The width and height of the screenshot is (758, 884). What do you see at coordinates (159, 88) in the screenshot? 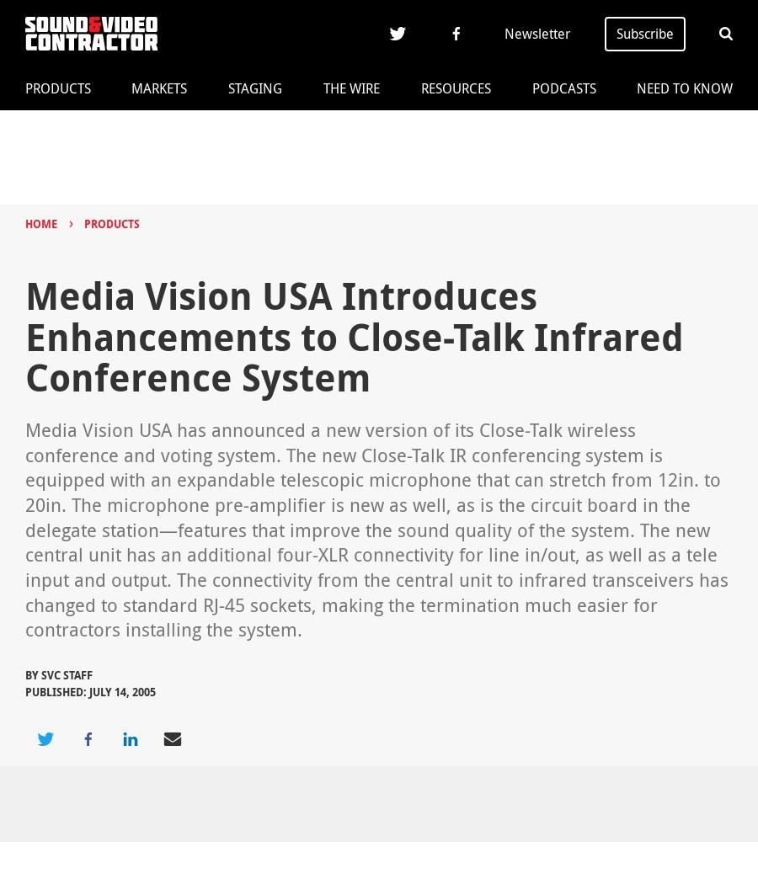
I see `'Markets'` at bounding box center [159, 88].